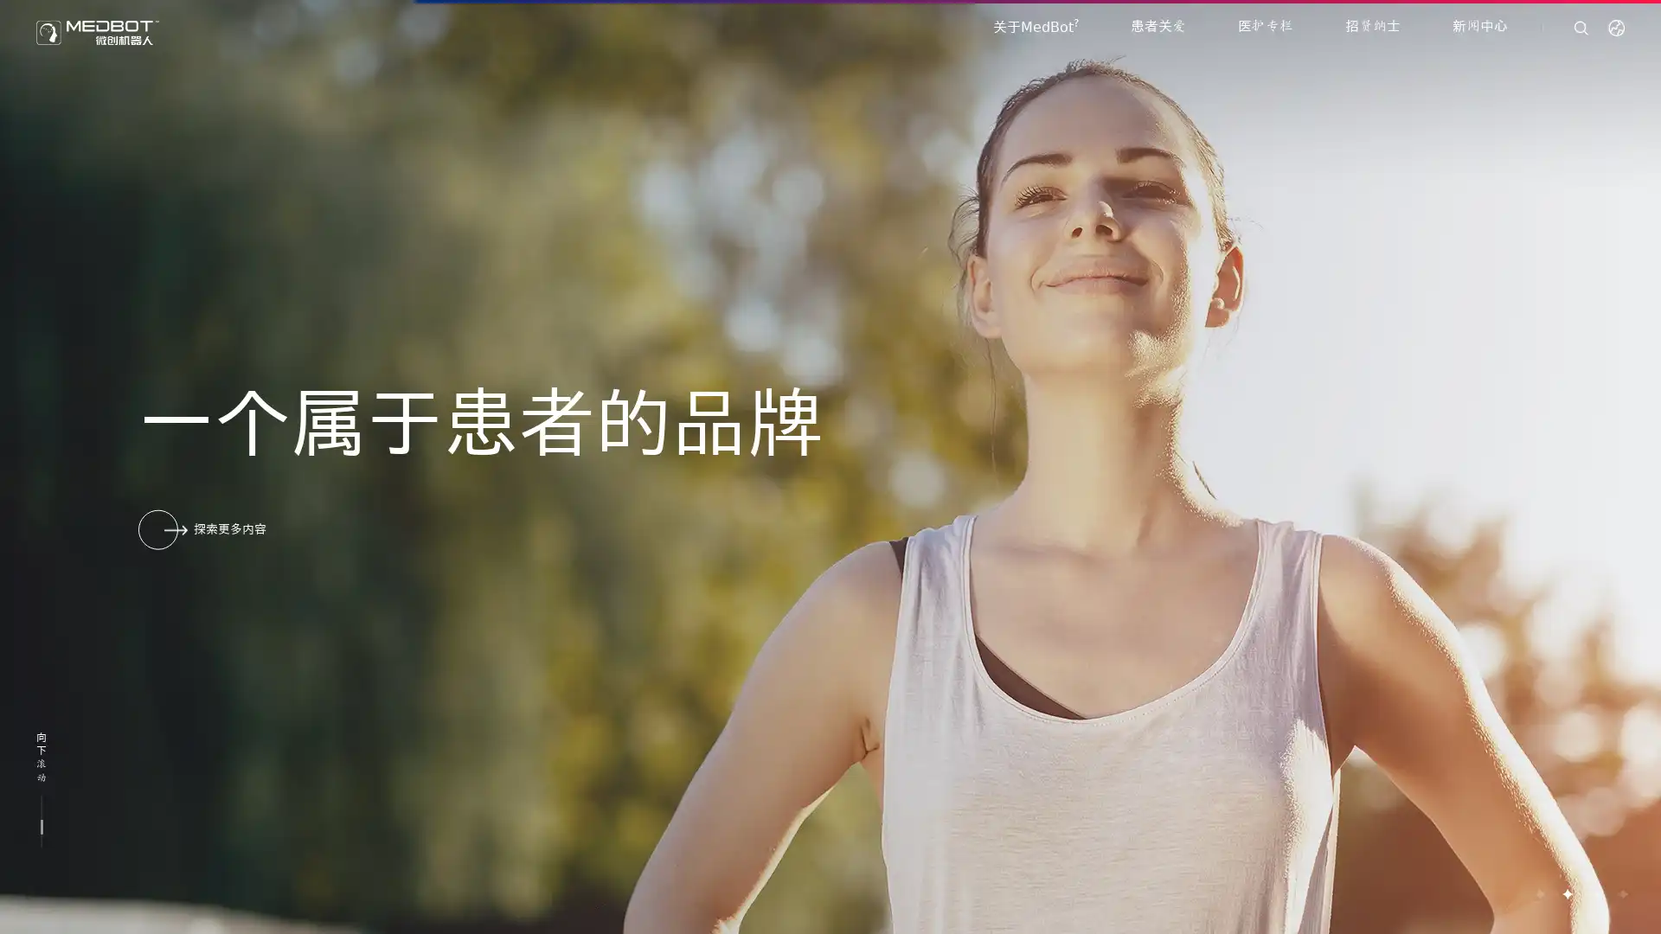  What do you see at coordinates (1621, 893) in the screenshot?
I see `Go to slide 4` at bounding box center [1621, 893].